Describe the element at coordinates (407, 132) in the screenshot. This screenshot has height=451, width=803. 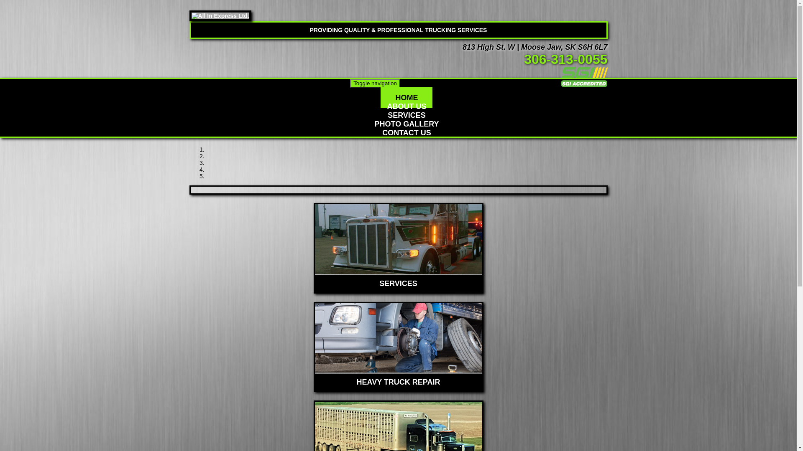
I see `'CONTACT US'` at that location.